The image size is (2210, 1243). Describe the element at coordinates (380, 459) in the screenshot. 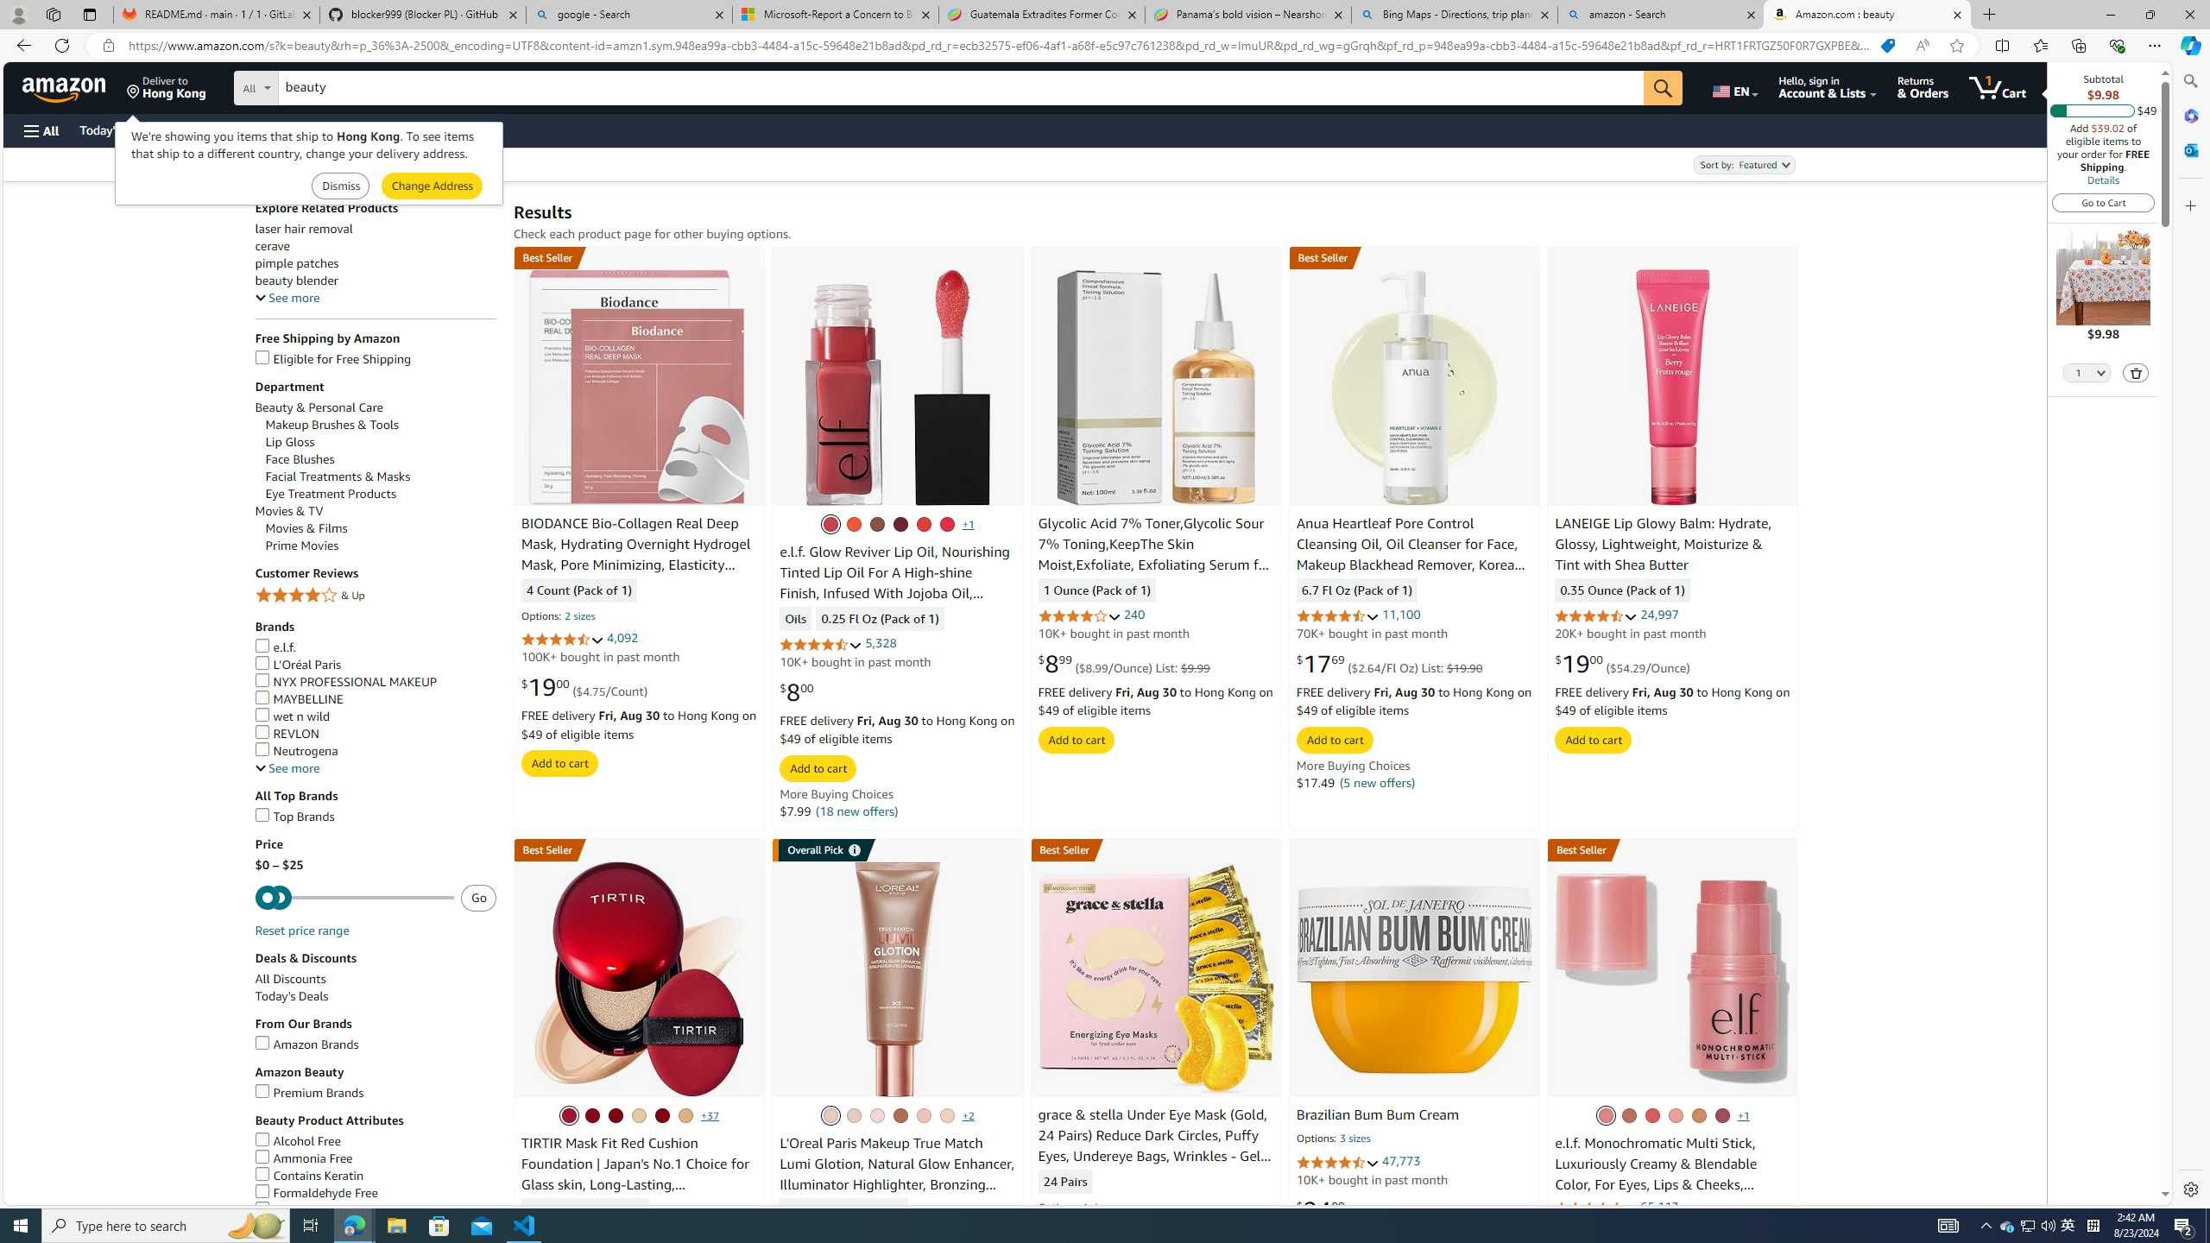

I see `'Face Blushes'` at that location.